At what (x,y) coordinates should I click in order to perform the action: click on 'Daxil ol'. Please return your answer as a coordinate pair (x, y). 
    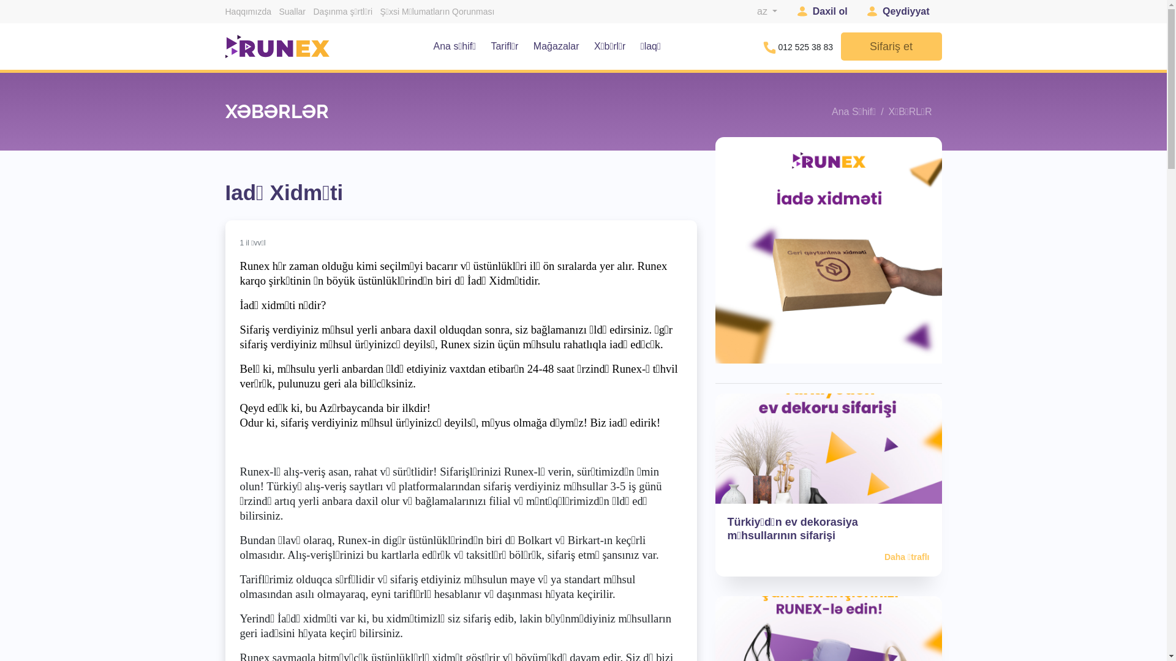
    Looking at the image, I should click on (823, 12).